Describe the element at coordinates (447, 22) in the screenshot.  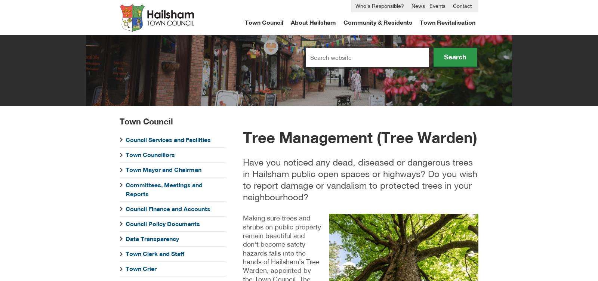
I see `'Town Revitalisation'` at that location.